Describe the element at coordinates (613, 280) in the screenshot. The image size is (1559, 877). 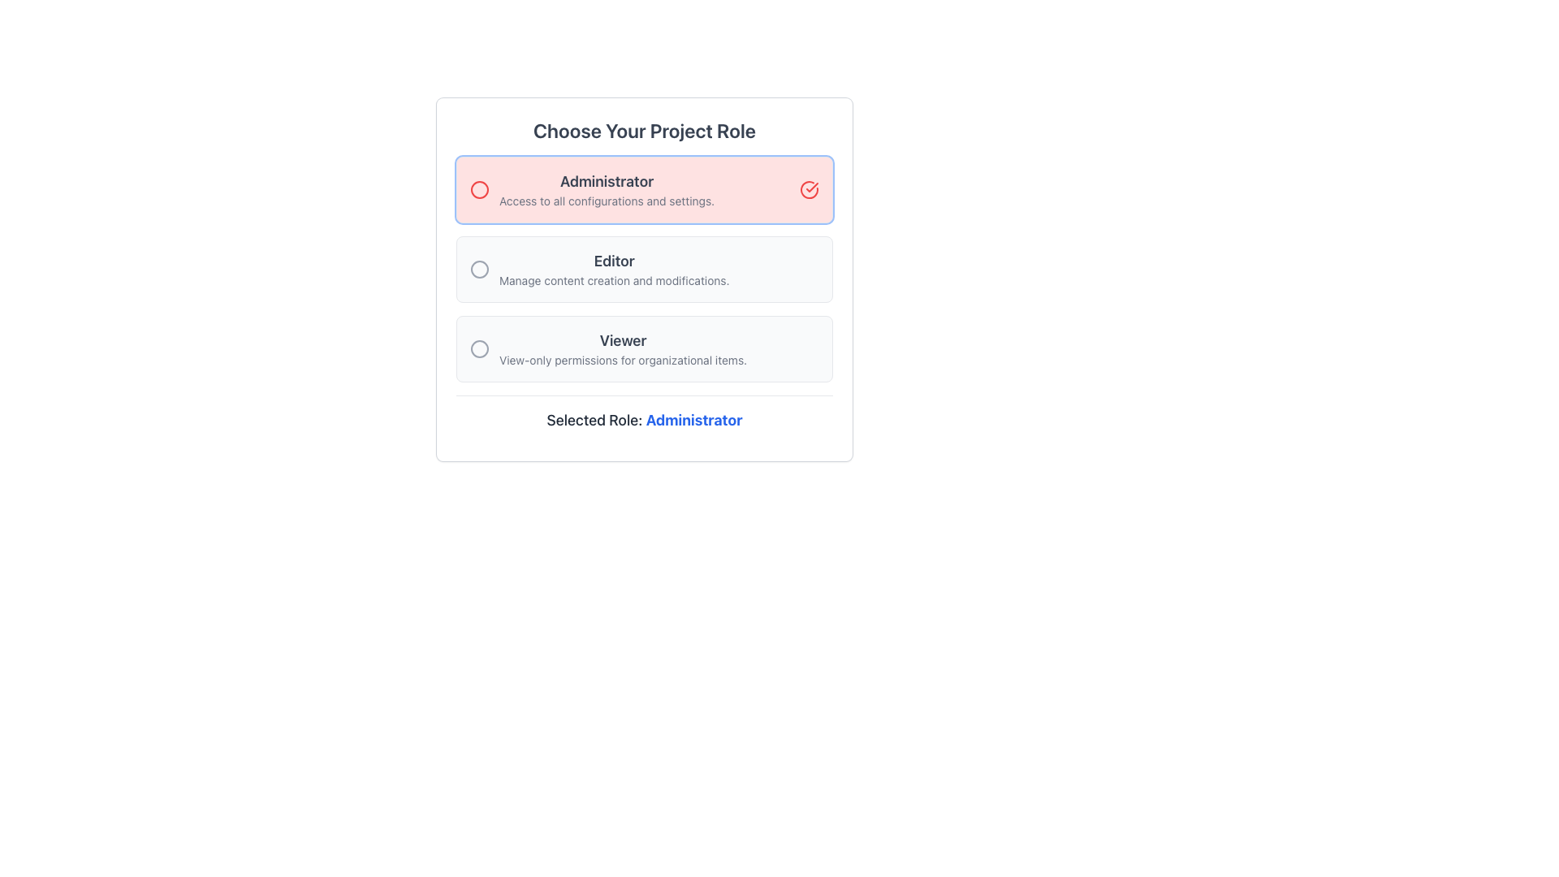
I see `the Text Label that provides context about the 'Editor' option, located below the header 'Editor'` at that location.